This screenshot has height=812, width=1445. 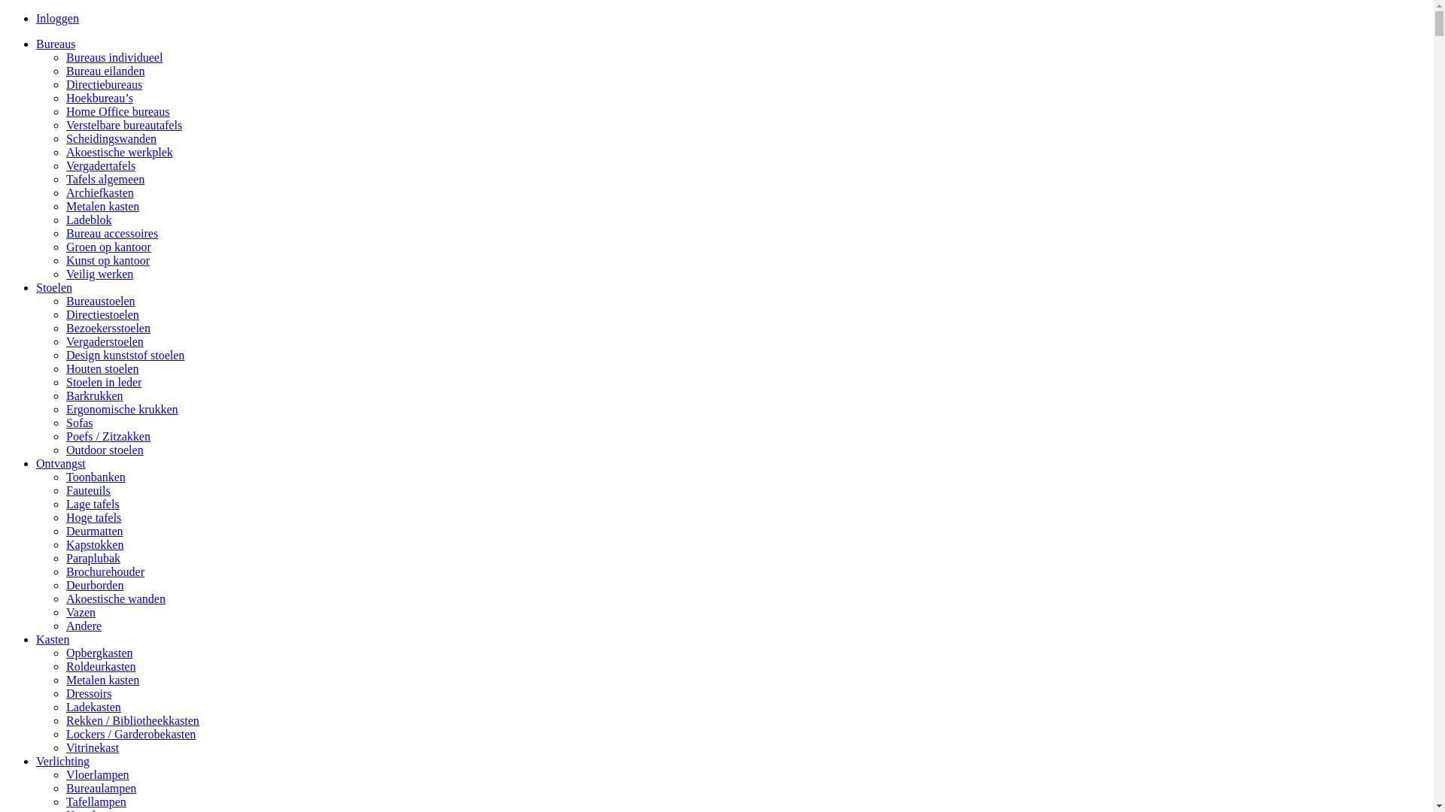 I want to click on 'Stoelen', so click(x=36, y=287).